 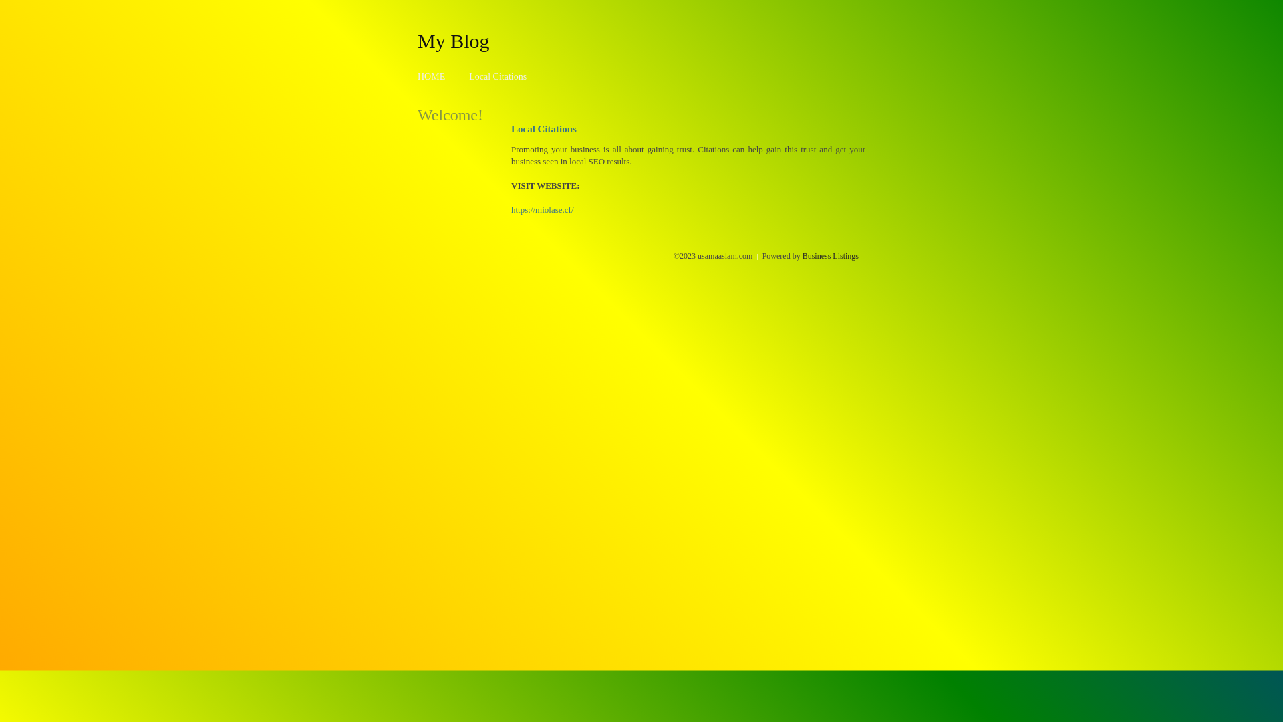 What do you see at coordinates (431, 76) in the screenshot?
I see `'HOME'` at bounding box center [431, 76].